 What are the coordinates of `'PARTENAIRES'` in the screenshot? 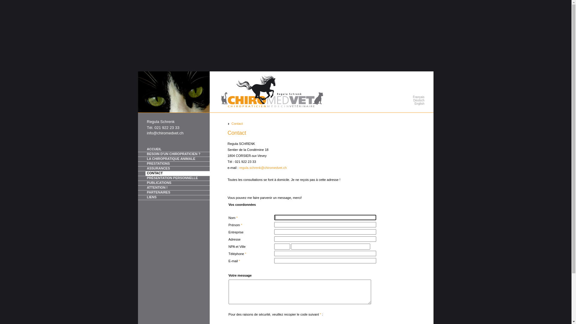 It's located at (173, 193).